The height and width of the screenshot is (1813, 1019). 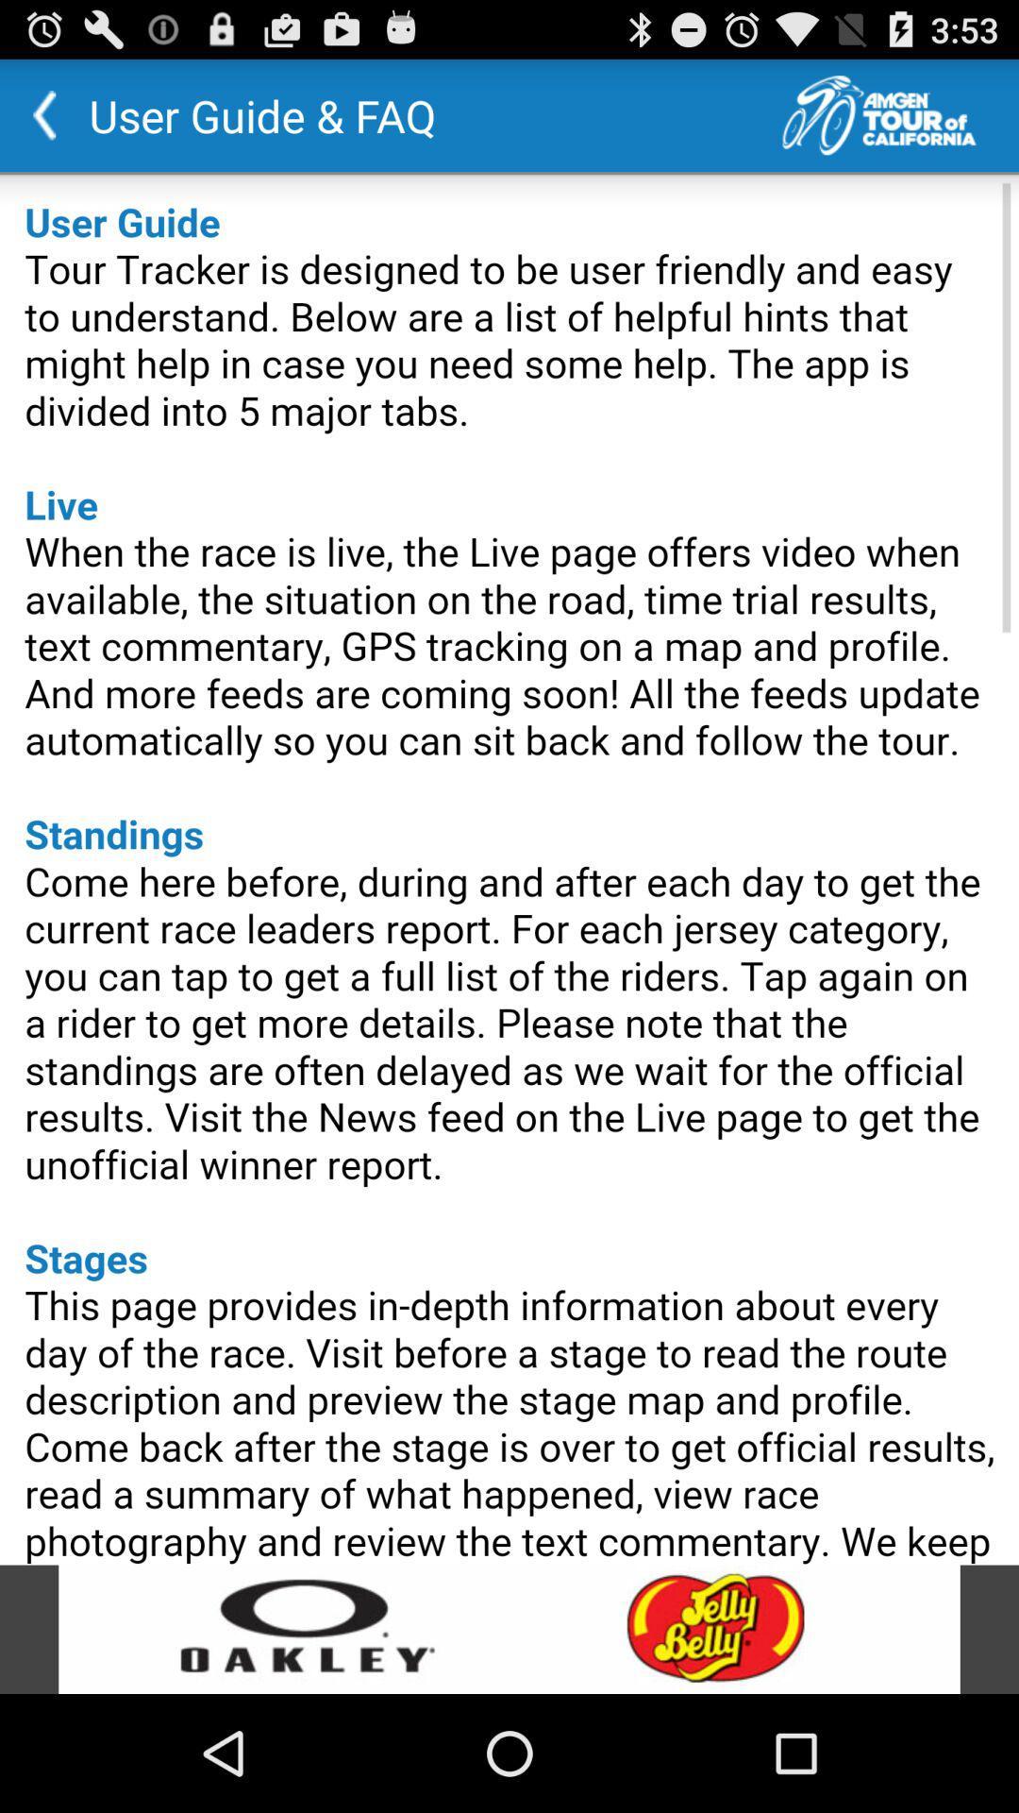 I want to click on advertisement 's webpage, so click(x=509, y=1628).